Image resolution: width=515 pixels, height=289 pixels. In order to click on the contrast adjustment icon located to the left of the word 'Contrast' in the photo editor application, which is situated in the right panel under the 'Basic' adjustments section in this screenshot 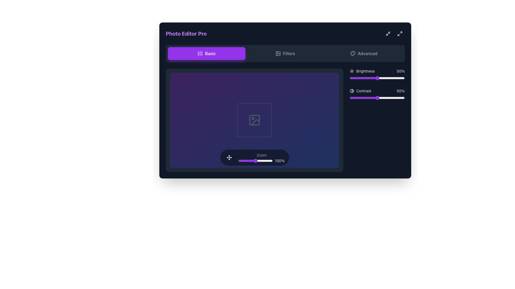, I will do `click(352, 90)`.